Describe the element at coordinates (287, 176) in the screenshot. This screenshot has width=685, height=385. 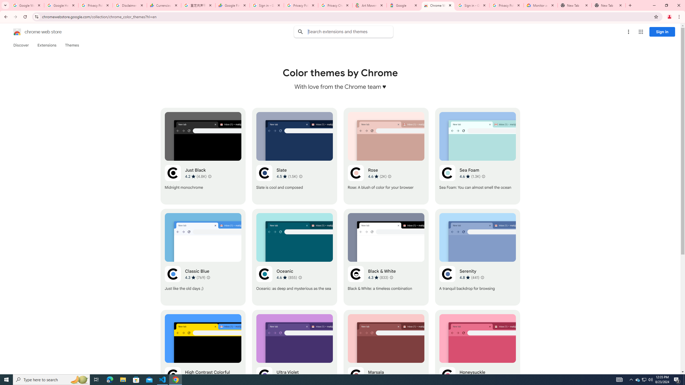
I see `'Average rating 4.5 out of 5 stars. 1.5K ratings.'` at that location.